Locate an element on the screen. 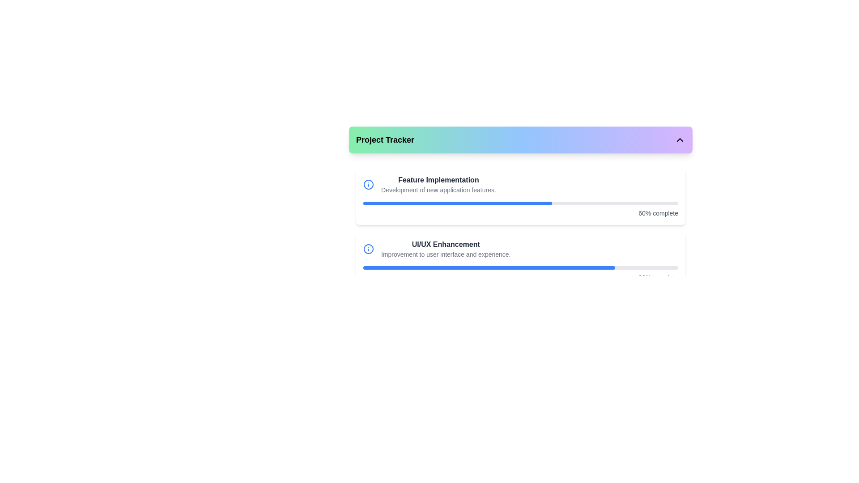 Image resolution: width=859 pixels, height=483 pixels. the text label that displays 'Improvement to user interface and experience.', which is styled in gray and positioned below the heading 'UI/UX Enhancement' is located at coordinates (446, 254).